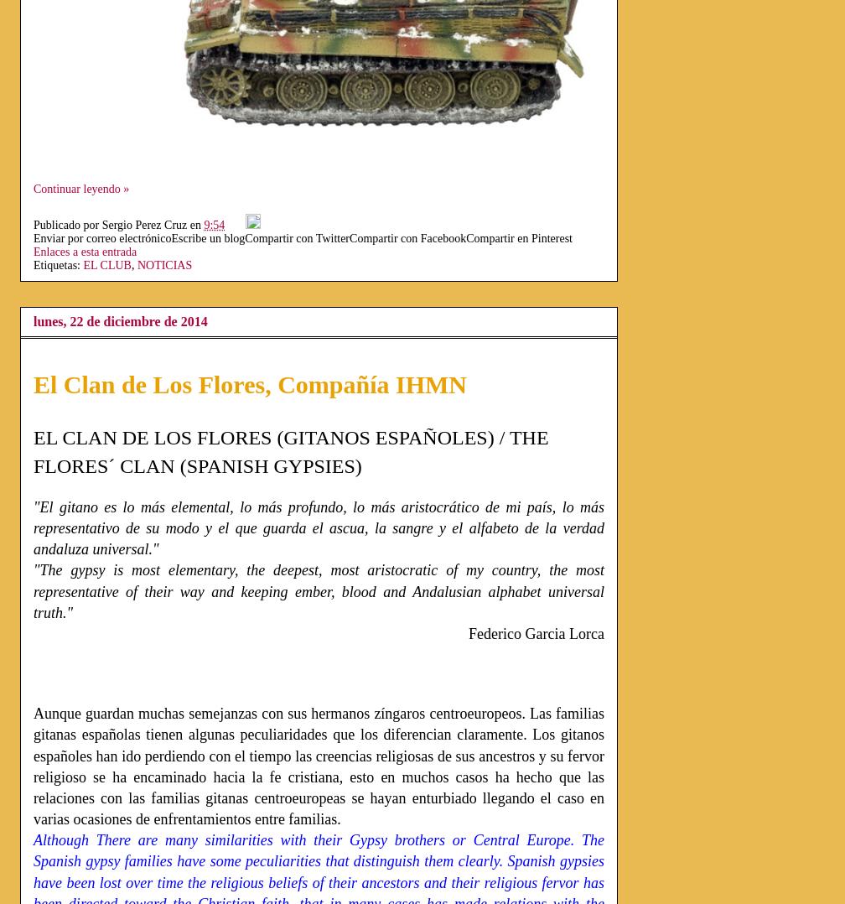 The width and height of the screenshot is (845, 904). Describe the element at coordinates (101, 238) in the screenshot. I see `'Enviar por correo electrónico'` at that location.